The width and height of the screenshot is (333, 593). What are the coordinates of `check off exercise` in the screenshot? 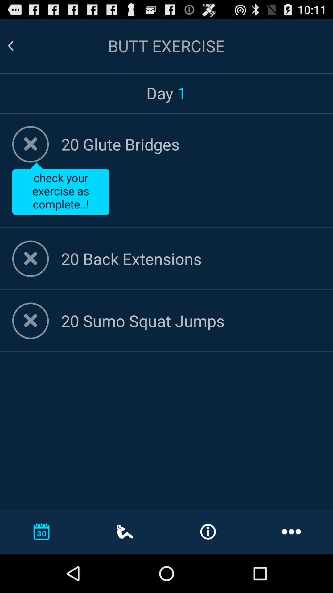 It's located at (31, 144).